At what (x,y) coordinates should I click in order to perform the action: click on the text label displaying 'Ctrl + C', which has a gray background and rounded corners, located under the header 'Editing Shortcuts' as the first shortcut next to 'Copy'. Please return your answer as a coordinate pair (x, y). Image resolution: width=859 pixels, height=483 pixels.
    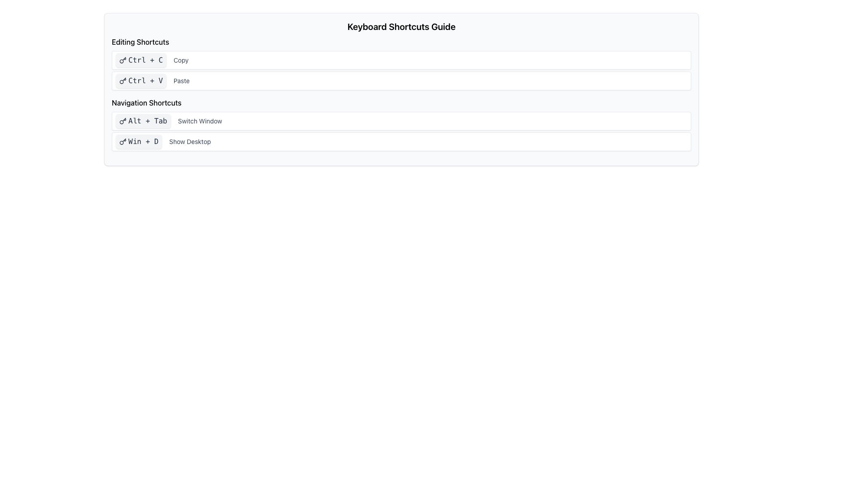
    Looking at the image, I should click on (145, 60).